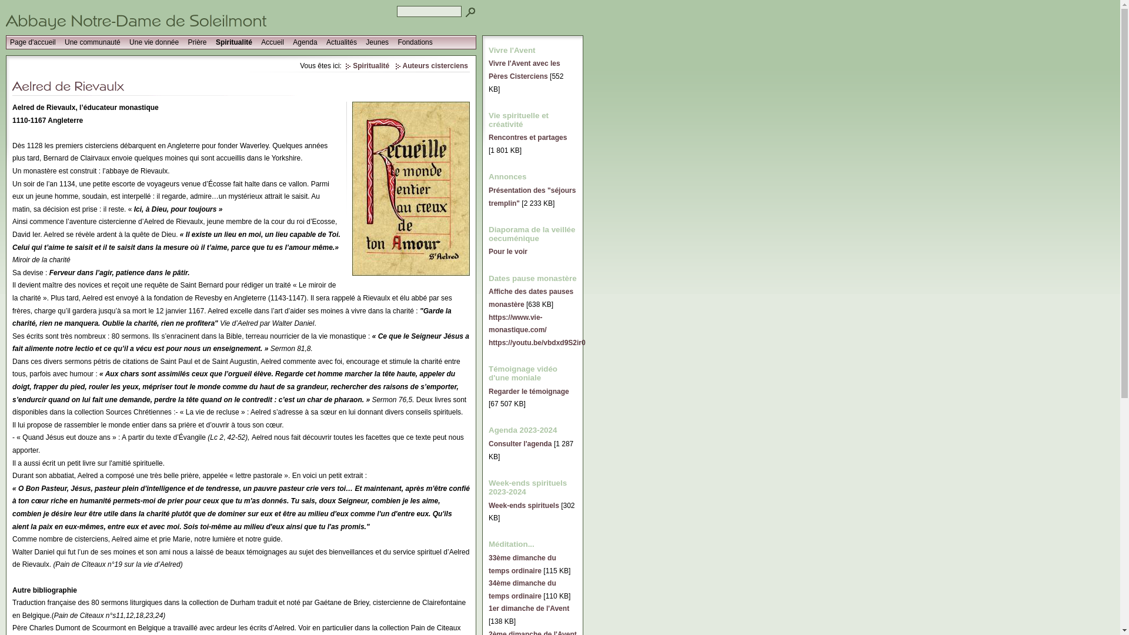 This screenshot has height=635, width=1129. I want to click on 'https://youtu.be/vbdxd9S2ir0', so click(536, 342).